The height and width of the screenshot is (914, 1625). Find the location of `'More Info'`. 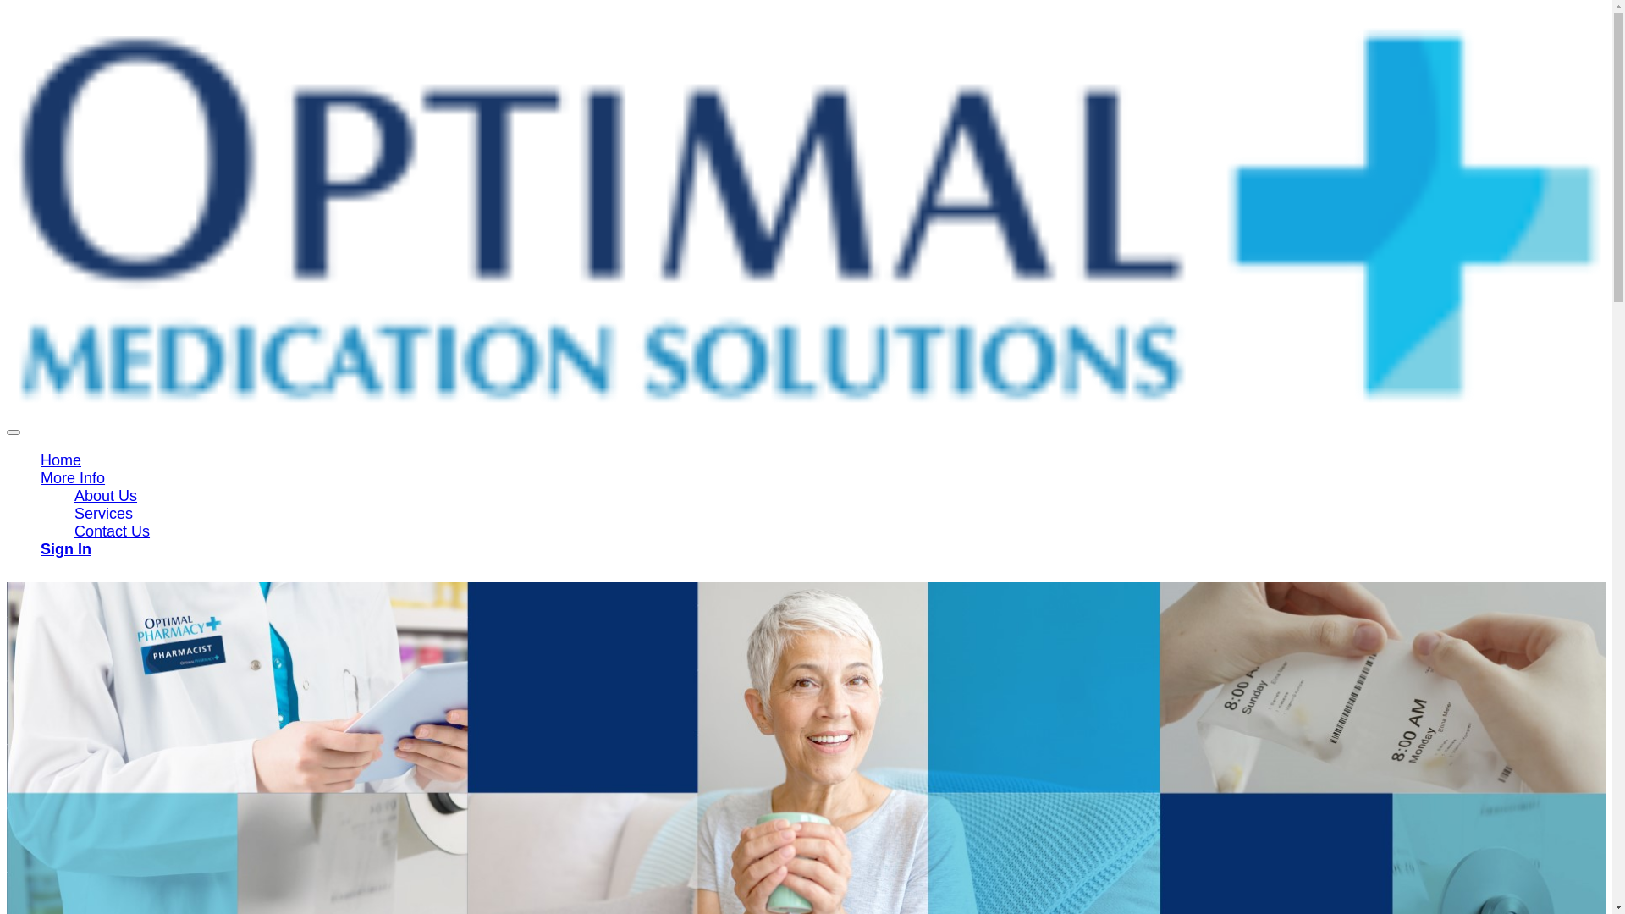

'More Info' is located at coordinates (72, 477).